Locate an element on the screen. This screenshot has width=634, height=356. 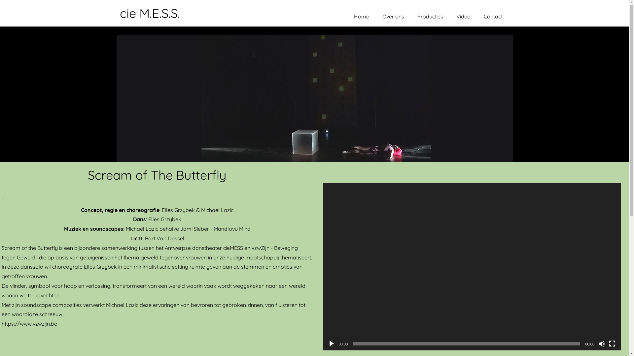
'Over ons' is located at coordinates (375, 16).